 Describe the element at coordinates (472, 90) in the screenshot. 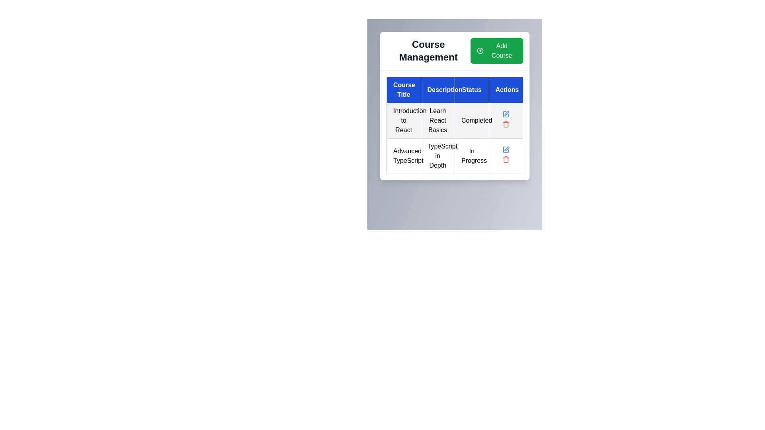

I see `the Header cell in the third column of the table layout, which describes the status information of the entries listed below it` at that location.